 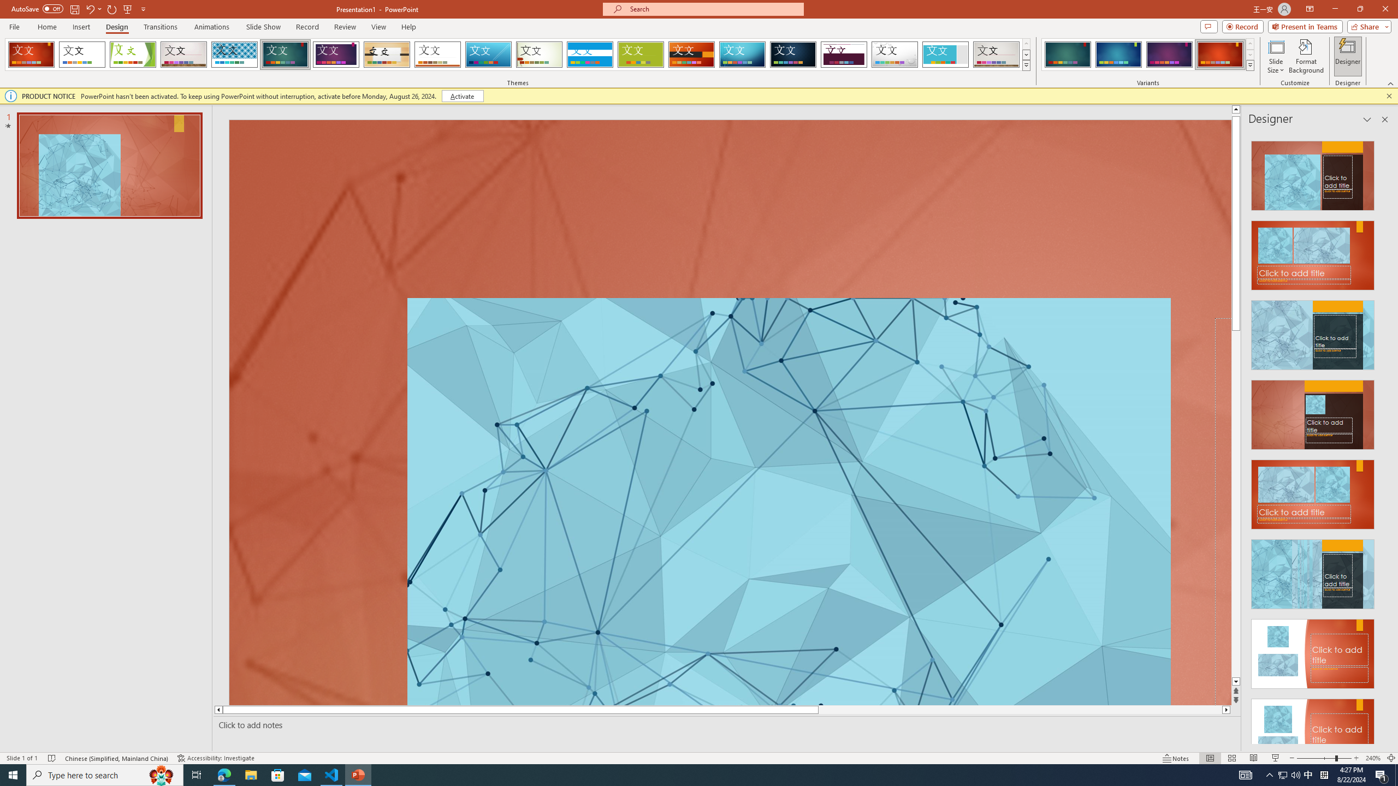 What do you see at coordinates (945, 54) in the screenshot?
I see `'Frame'` at bounding box center [945, 54].